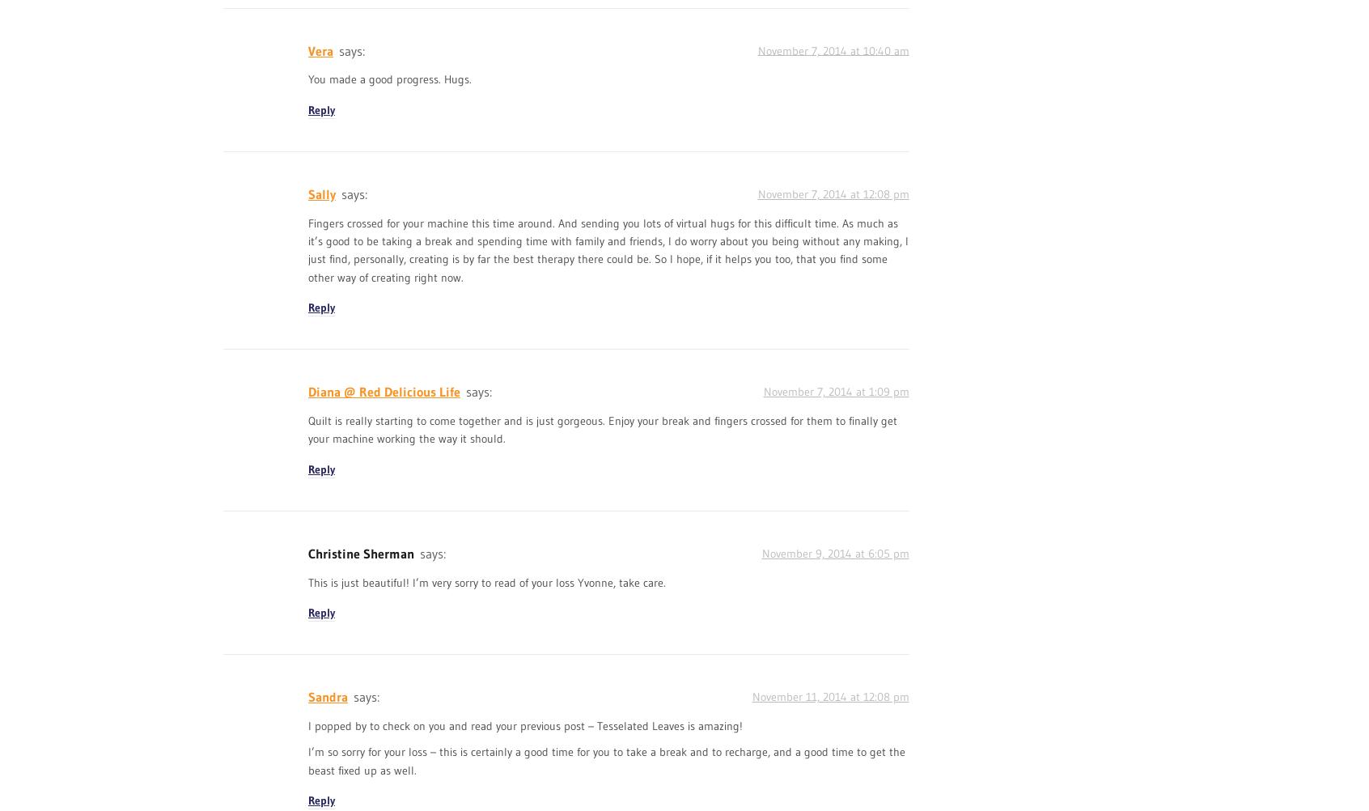 This screenshot has height=811, width=1369. I want to click on 'November 7, 2014 at 12:08 pm', so click(832, 193).